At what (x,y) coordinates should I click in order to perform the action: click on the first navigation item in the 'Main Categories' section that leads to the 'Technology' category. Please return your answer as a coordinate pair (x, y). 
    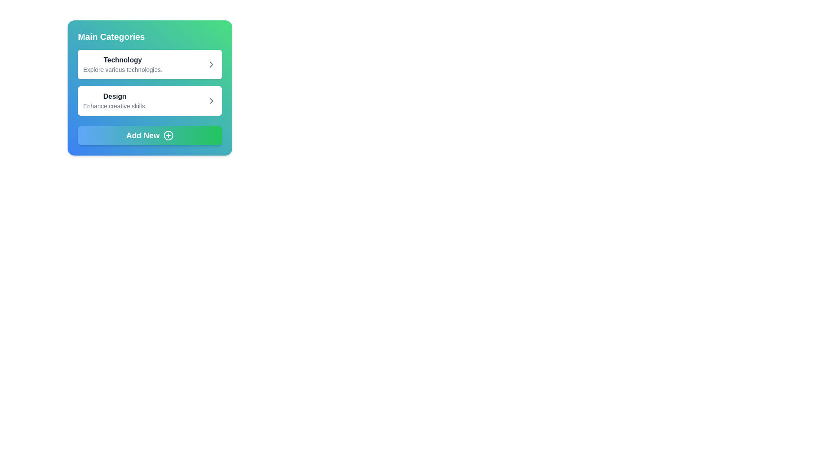
    Looking at the image, I should click on (149, 64).